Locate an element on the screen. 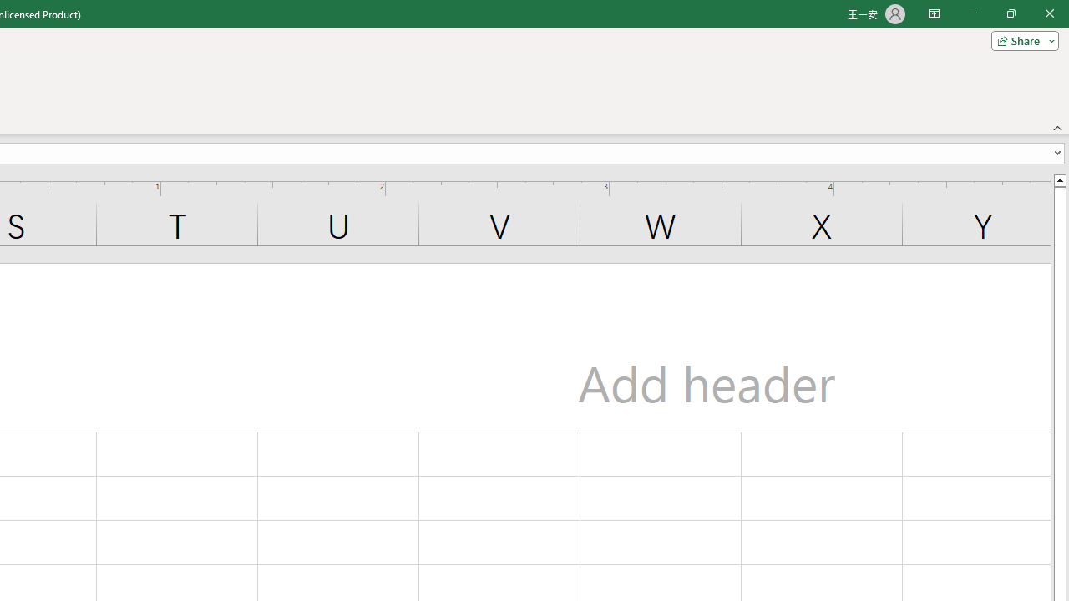 The height and width of the screenshot is (601, 1069). 'Minimize' is located at coordinates (972, 13).